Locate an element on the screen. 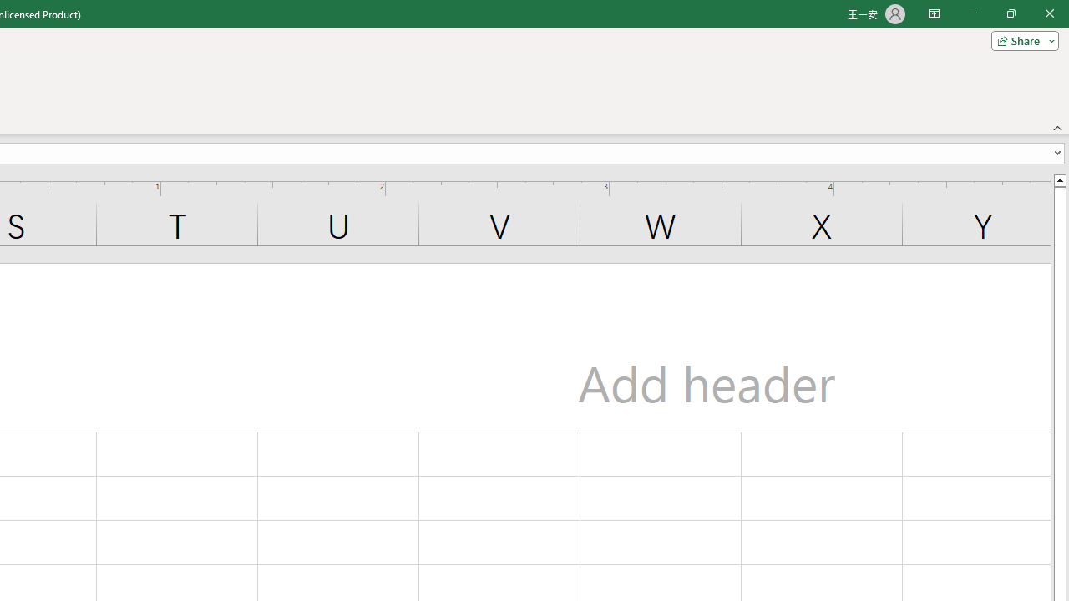 The height and width of the screenshot is (601, 1069). 'Minimize' is located at coordinates (972, 13).